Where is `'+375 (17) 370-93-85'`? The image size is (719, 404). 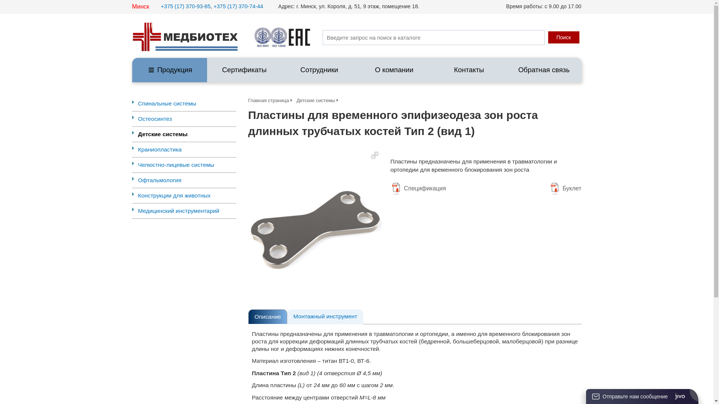
'+375 (17) 370-93-85' is located at coordinates (186, 6).